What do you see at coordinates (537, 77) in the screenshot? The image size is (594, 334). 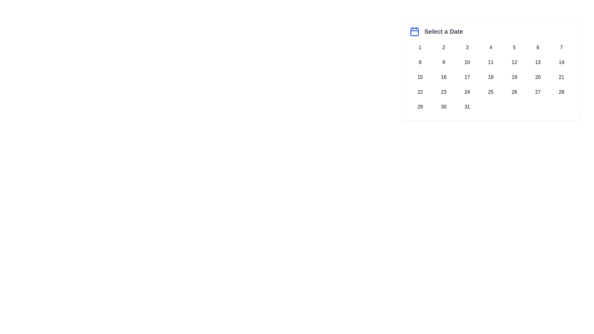 I see `the button displaying the number '20'` at bounding box center [537, 77].